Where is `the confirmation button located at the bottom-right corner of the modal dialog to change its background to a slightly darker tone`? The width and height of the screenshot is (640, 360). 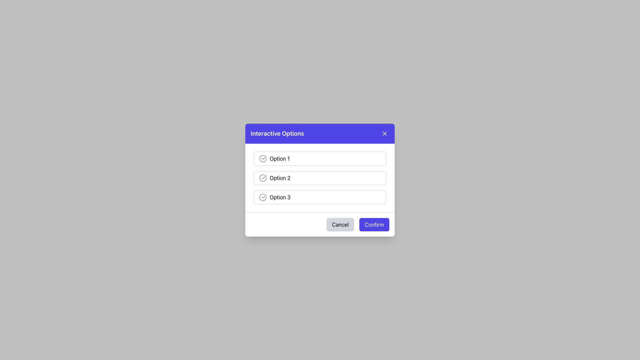
the confirmation button located at the bottom-right corner of the modal dialog to change its background to a slightly darker tone is located at coordinates (374, 224).